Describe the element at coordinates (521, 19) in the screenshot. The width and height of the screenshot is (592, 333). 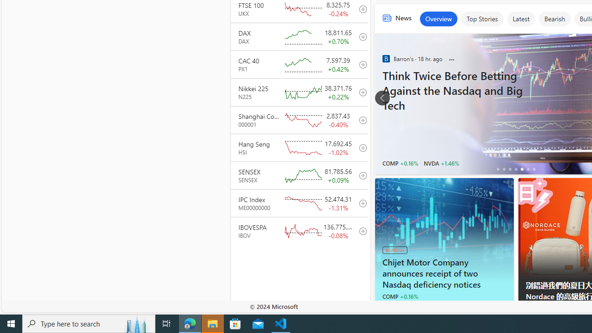
I see `'Latest'` at that location.